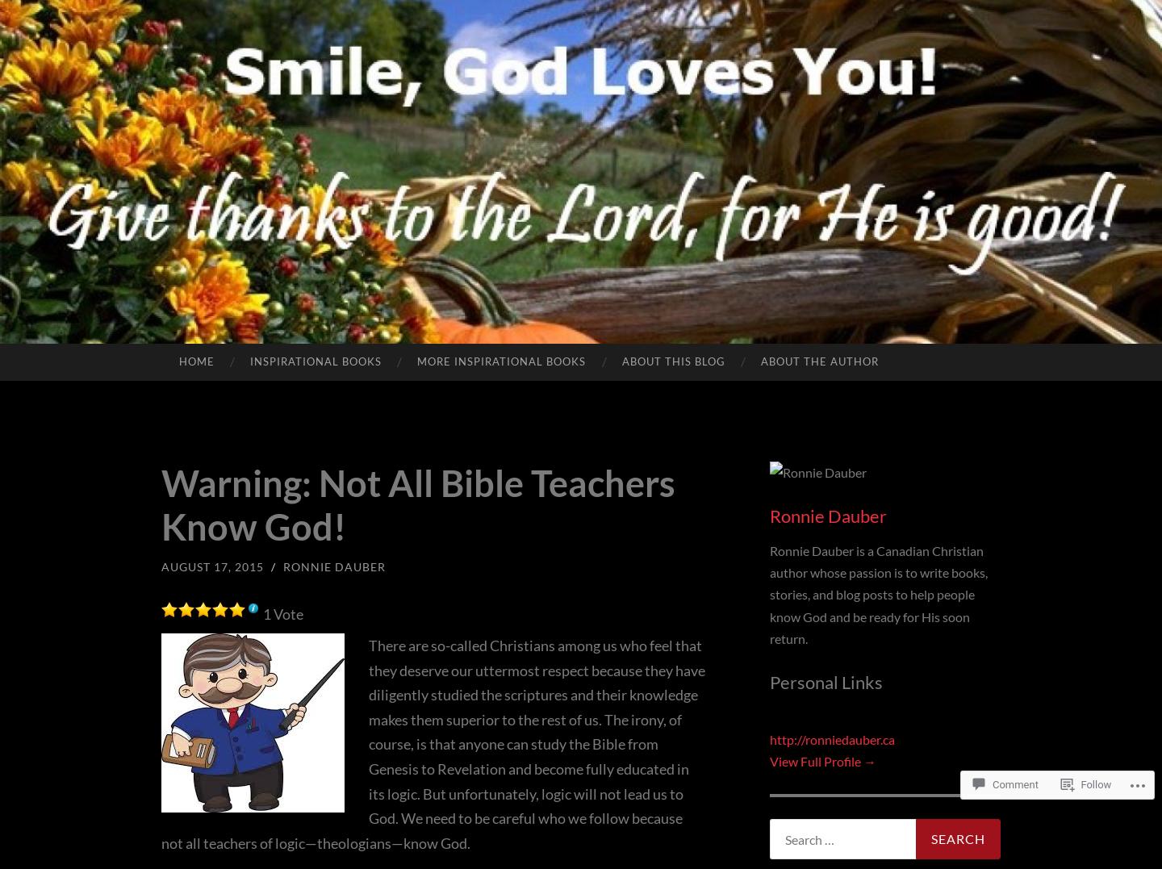 The width and height of the screenshot is (1162, 869). I want to click on '/', so click(268, 566).